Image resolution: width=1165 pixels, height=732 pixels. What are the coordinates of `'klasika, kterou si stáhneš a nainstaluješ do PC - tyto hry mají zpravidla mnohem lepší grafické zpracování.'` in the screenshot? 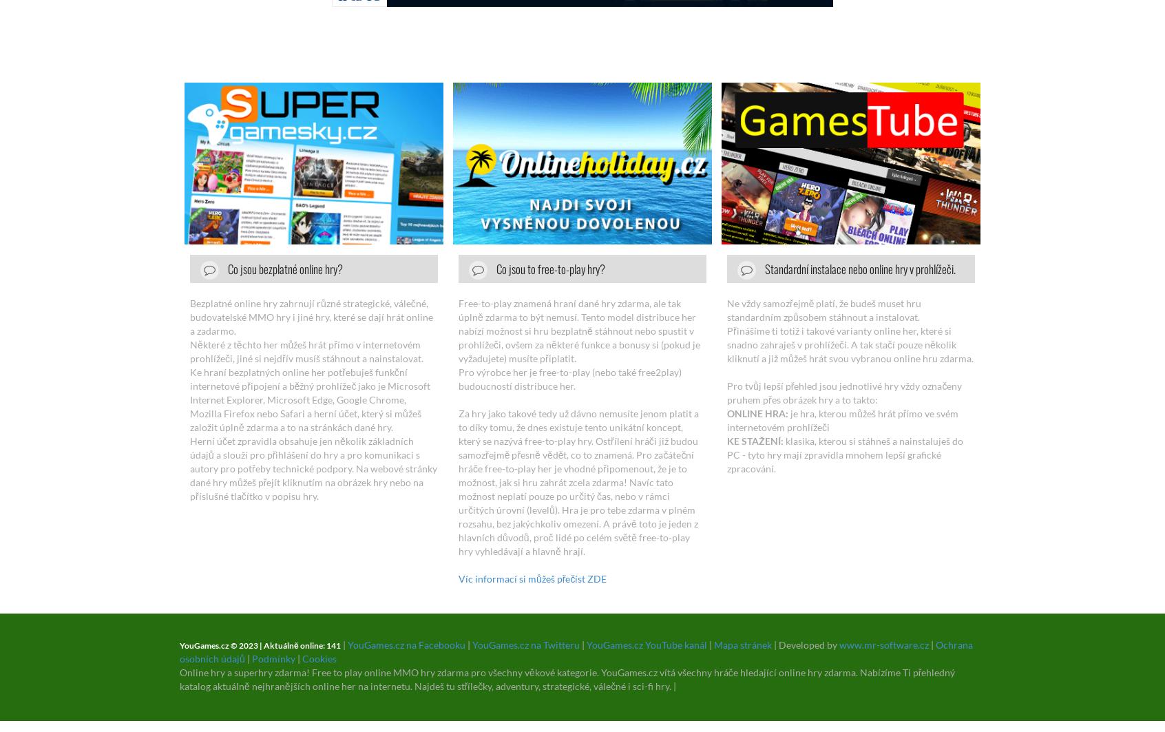 It's located at (845, 454).